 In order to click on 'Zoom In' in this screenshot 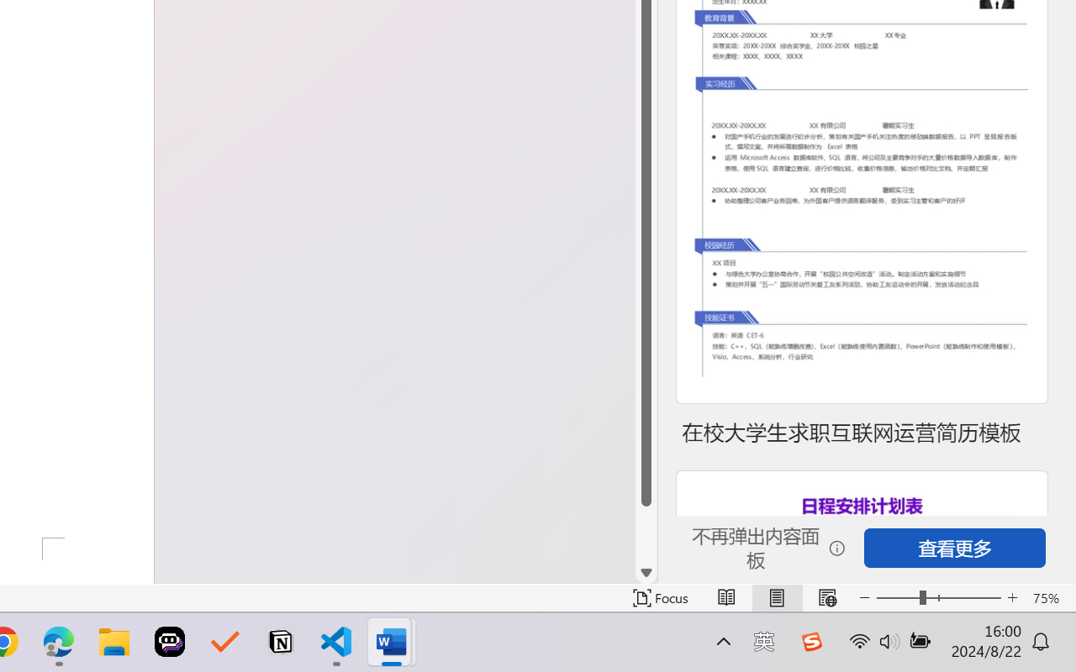, I will do `click(1012, 597)`.